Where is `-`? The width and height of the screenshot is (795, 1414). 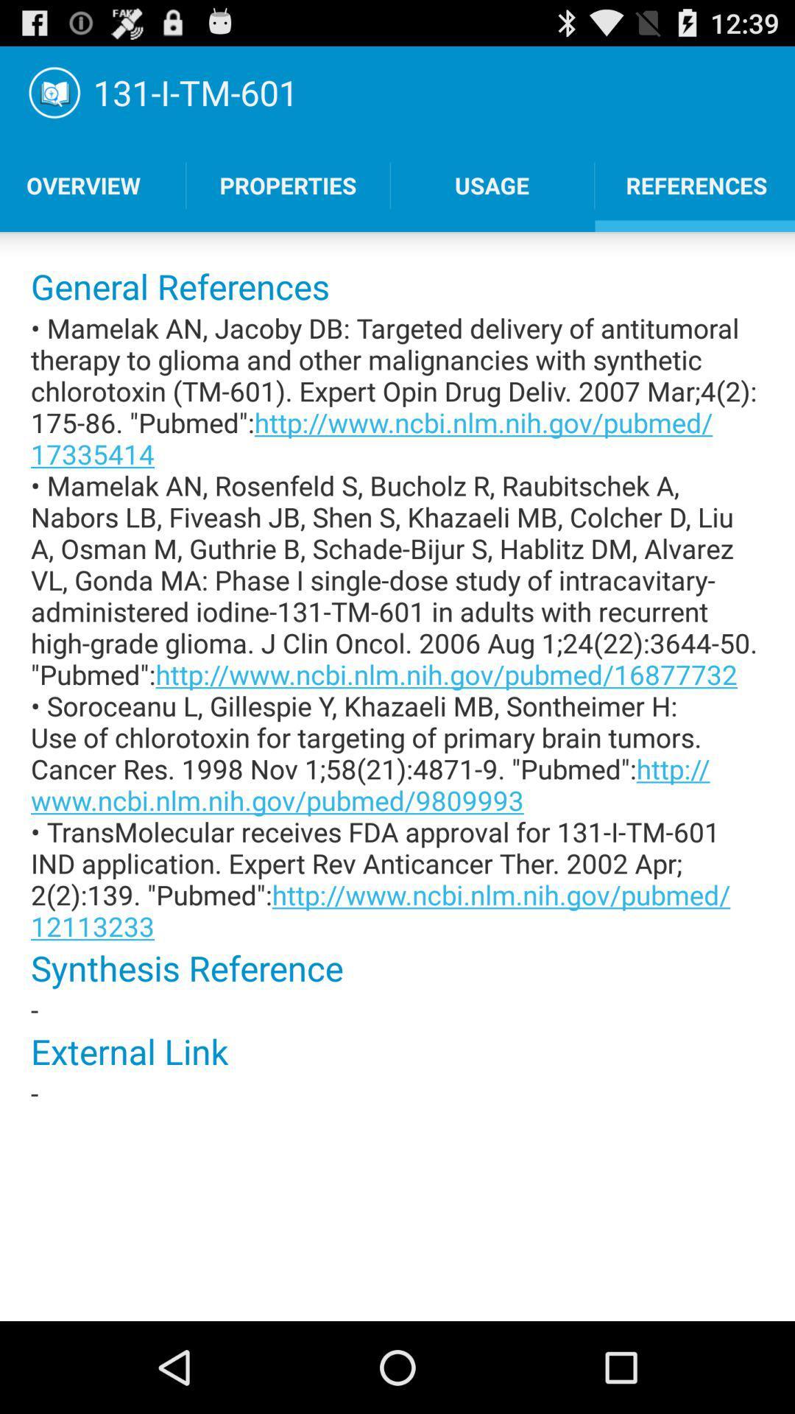 - is located at coordinates (397, 1093).